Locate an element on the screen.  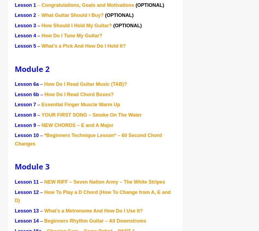
'Lesson 2' is located at coordinates (26, 16).